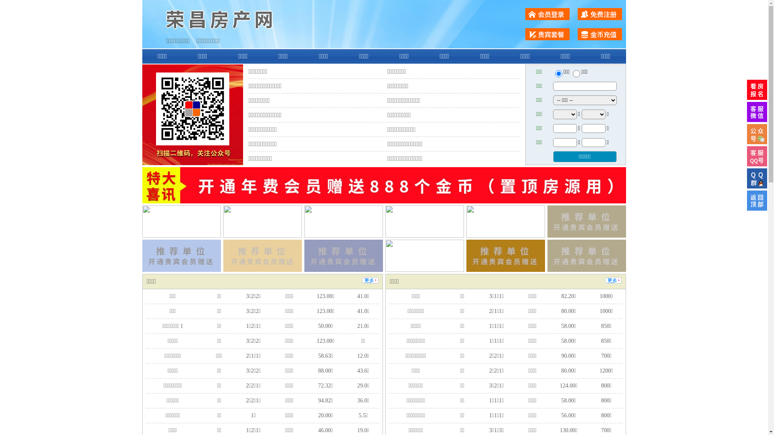  What do you see at coordinates (572, 73) in the screenshot?
I see `'chuzu'` at bounding box center [572, 73].